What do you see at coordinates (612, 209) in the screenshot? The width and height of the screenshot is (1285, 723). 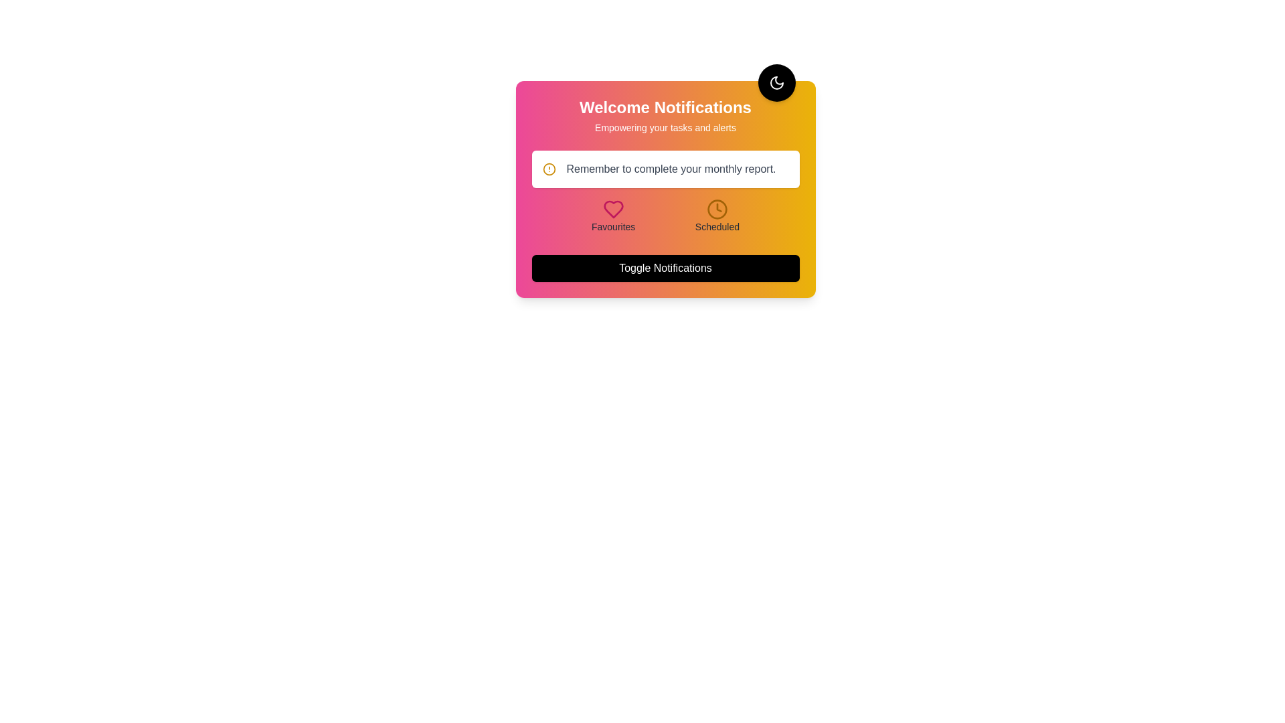 I see `the heart-shaped icon with a hollow center and pink outline located in the 'Favourites' section of the notification card` at bounding box center [612, 209].